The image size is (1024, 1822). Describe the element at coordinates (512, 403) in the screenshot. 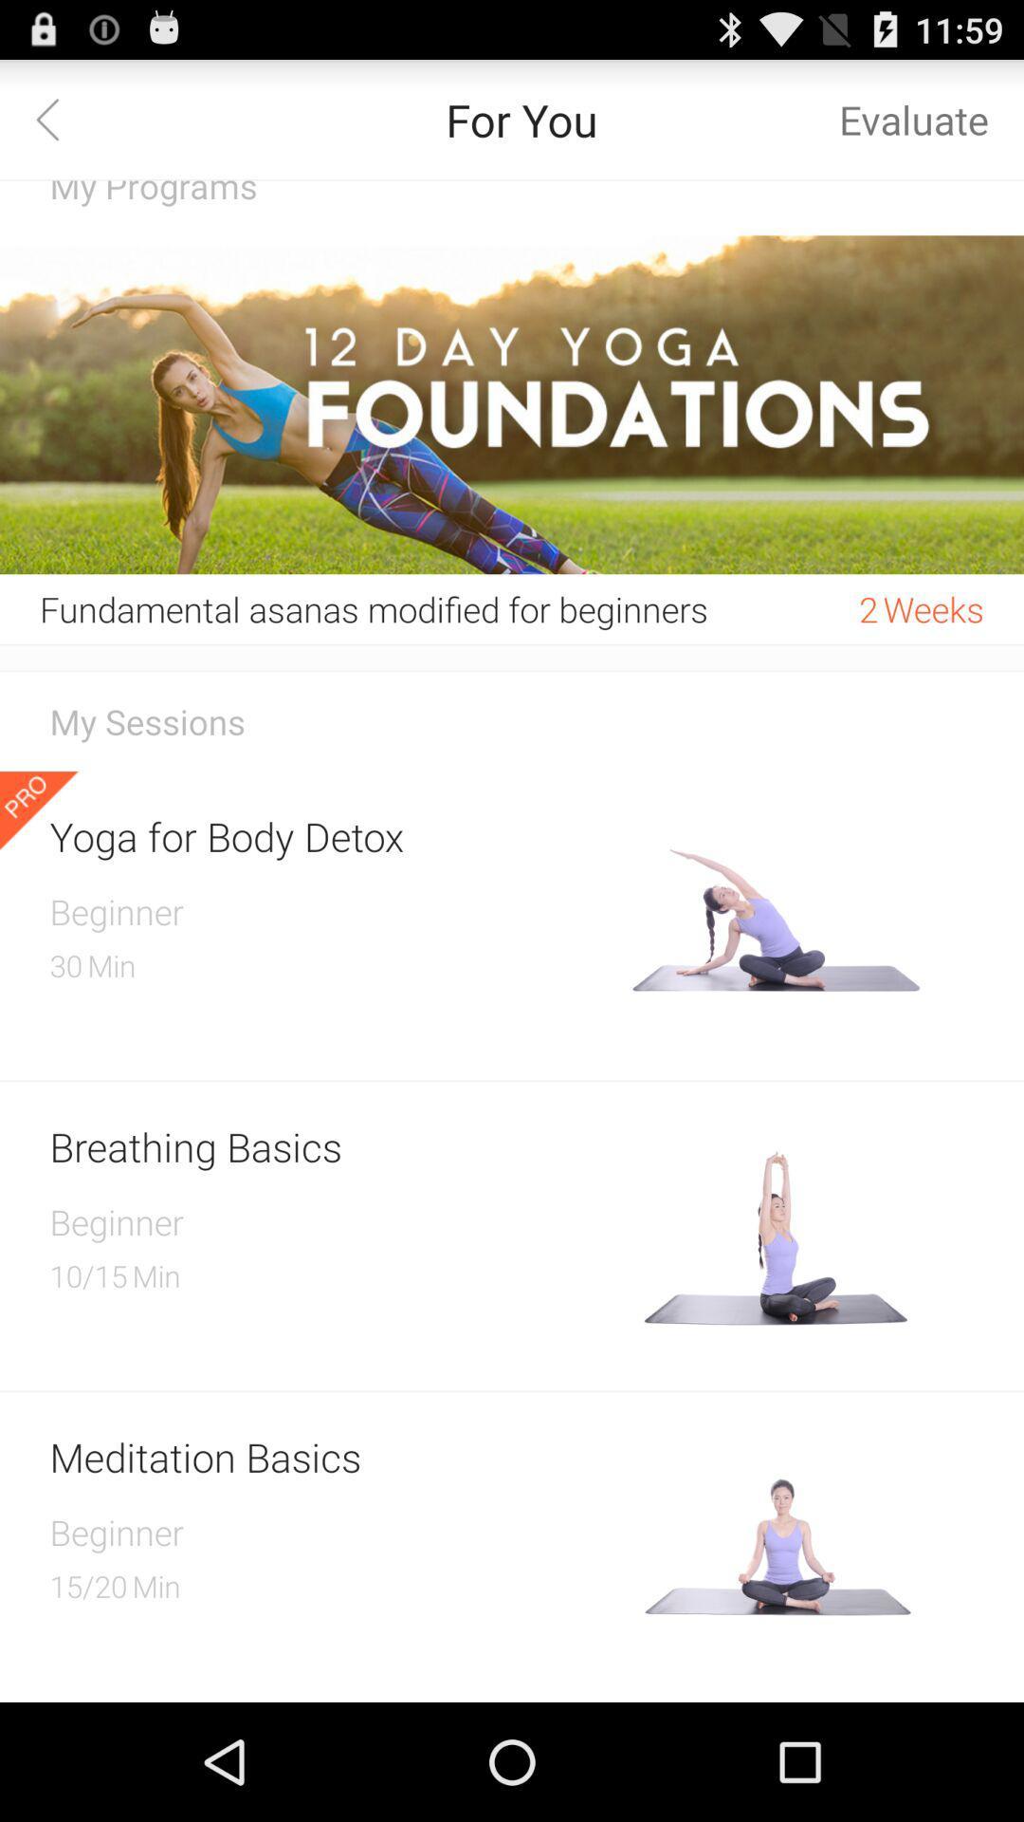

I see `icon below the my programs item` at that location.